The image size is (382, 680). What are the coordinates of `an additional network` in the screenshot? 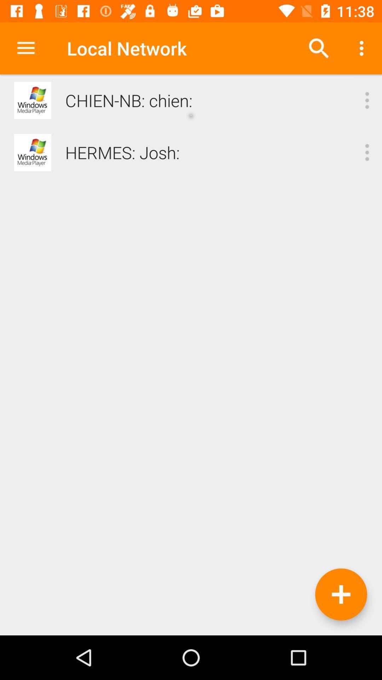 It's located at (341, 594).